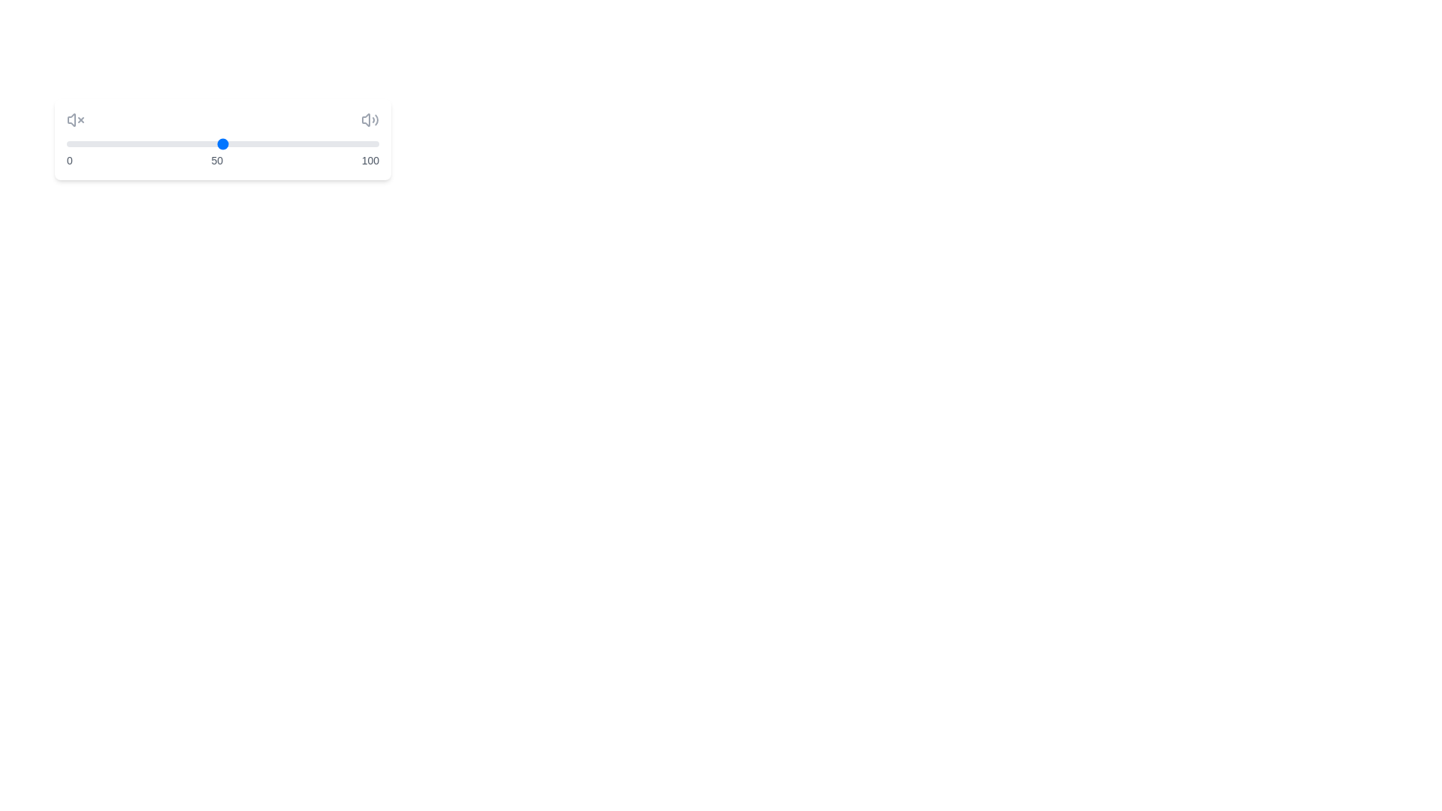 This screenshot has width=1442, height=811. I want to click on the slider to set the volume to 15%, so click(113, 144).